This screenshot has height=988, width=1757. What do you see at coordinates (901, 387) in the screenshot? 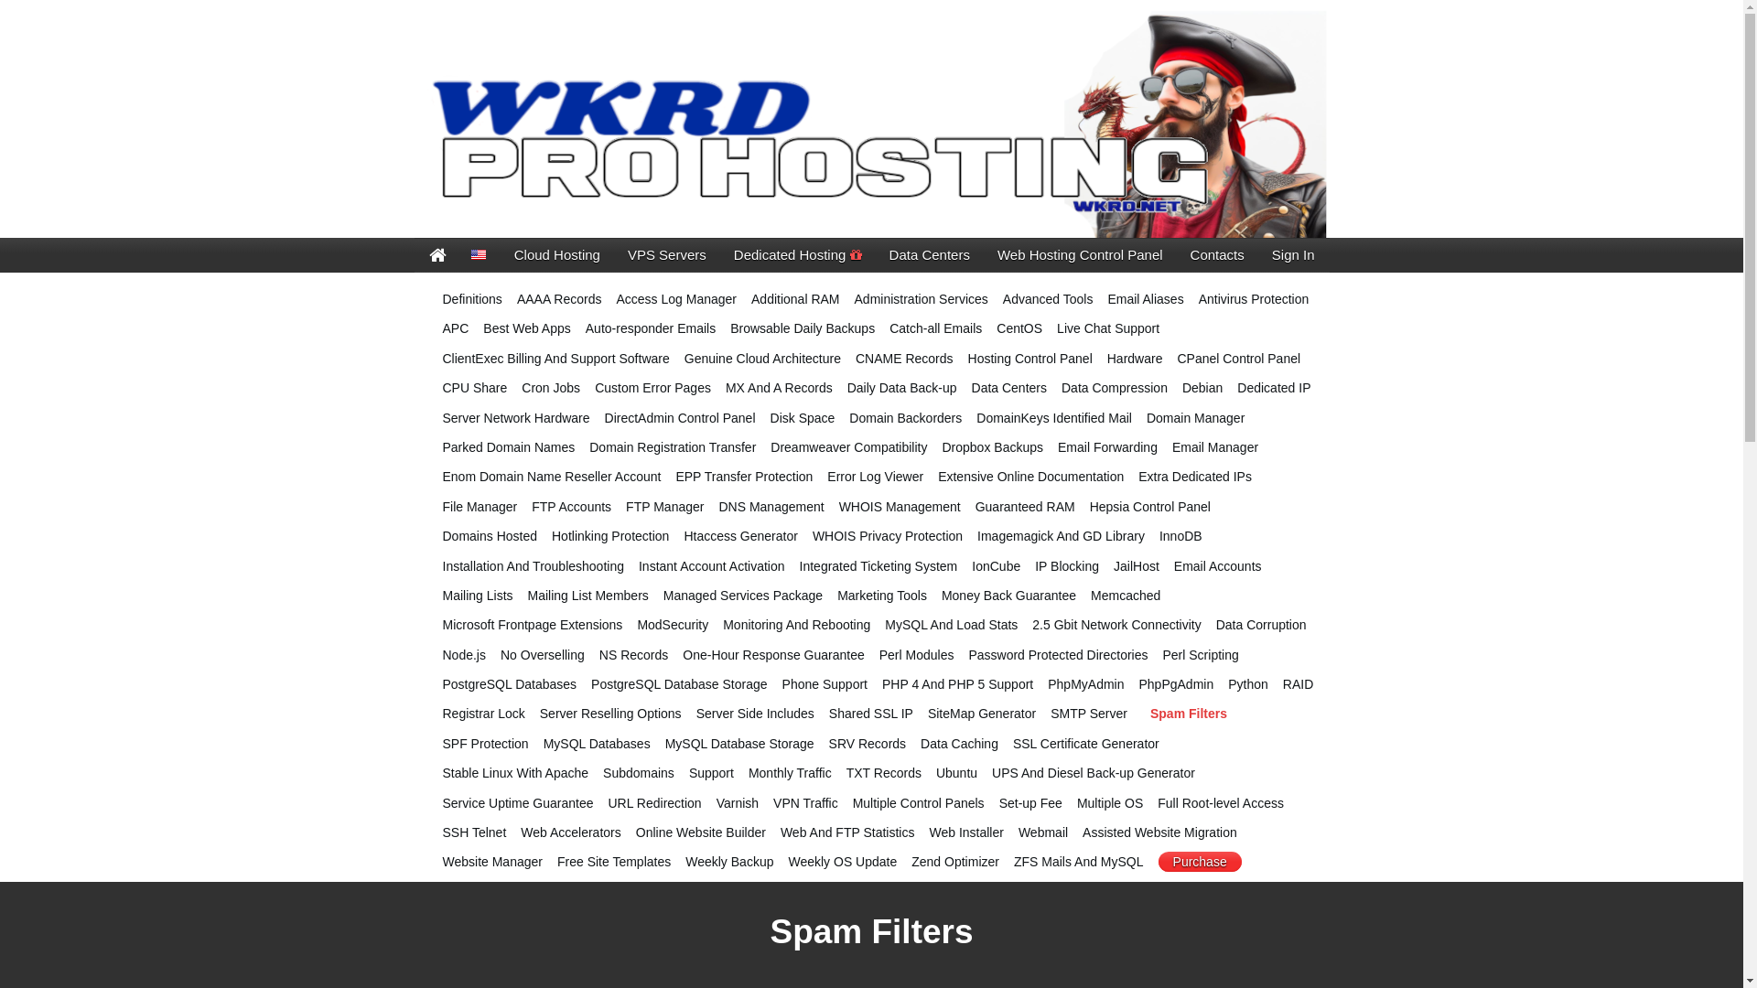
I see `'Daily Data Back-up'` at bounding box center [901, 387].